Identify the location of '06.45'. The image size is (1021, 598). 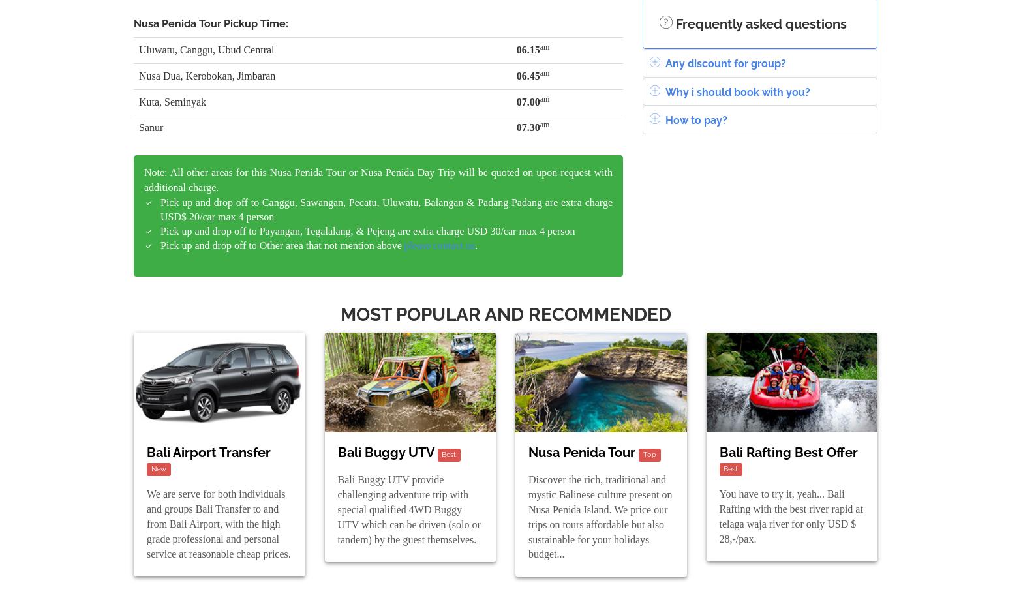
(526, 74).